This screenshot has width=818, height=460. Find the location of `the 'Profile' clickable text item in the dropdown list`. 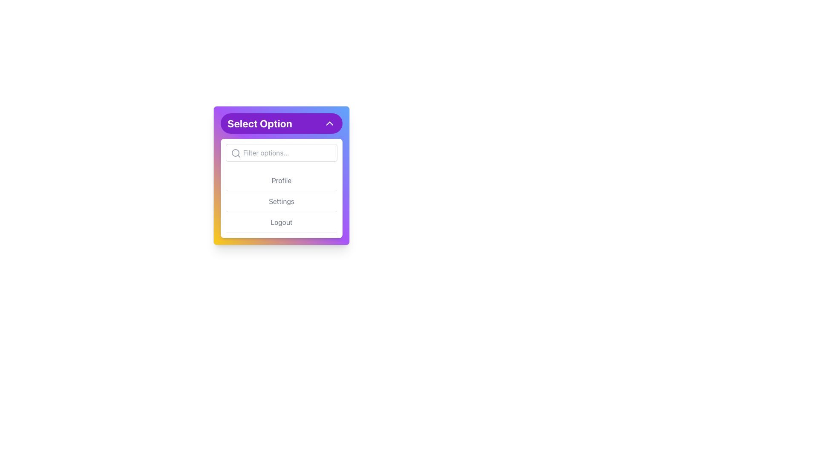

the 'Profile' clickable text item in the dropdown list is located at coordinates (282, 180).